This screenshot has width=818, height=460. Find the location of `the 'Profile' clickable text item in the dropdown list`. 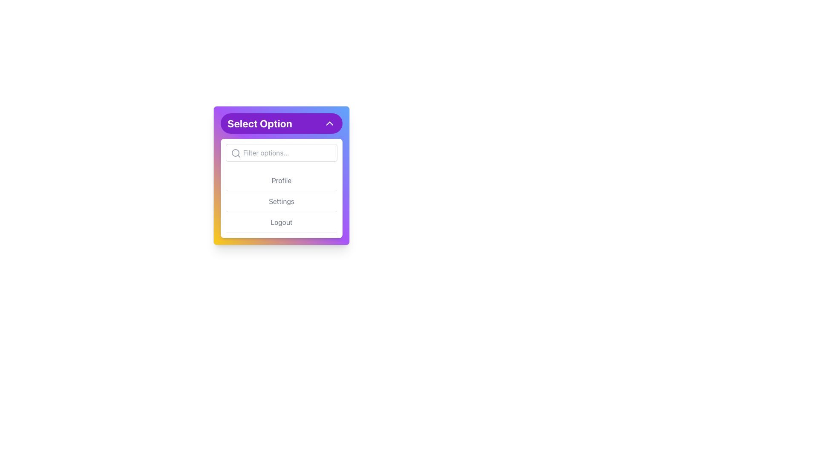

the 'Profile' clickable text item in the dropdown list is located at coordinates (282, 180).